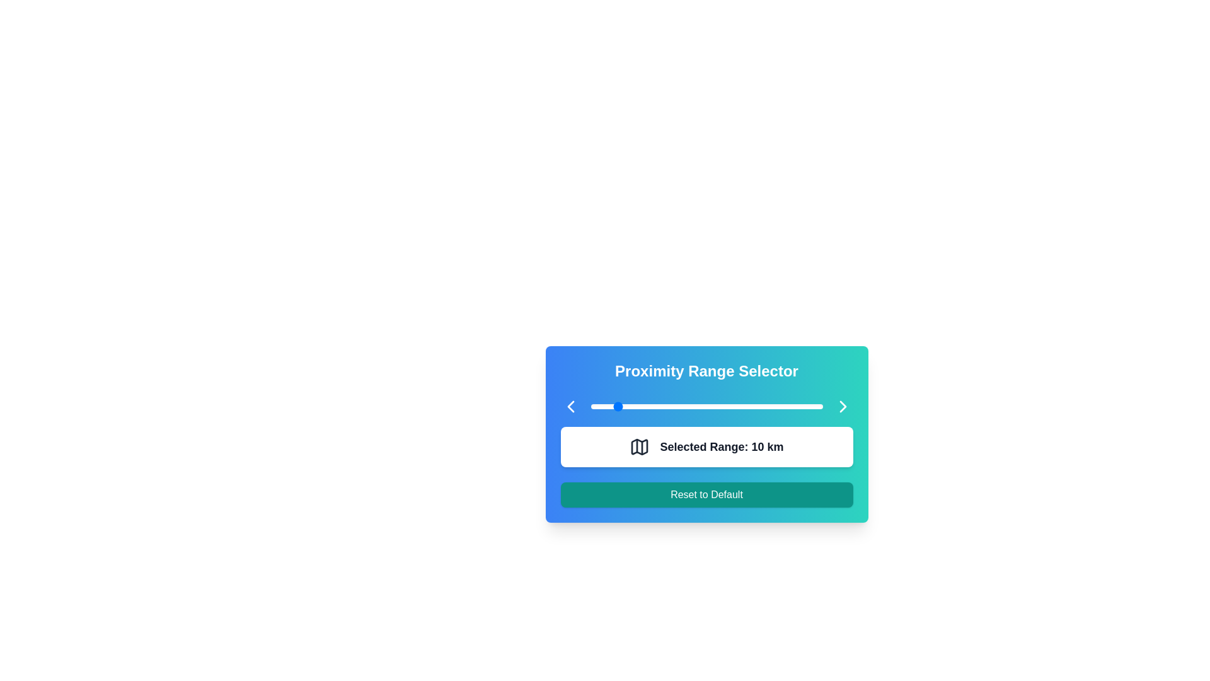 This screenshot has width=1210, height=681. What do you see at coordinates (723, 406) in the screenshot?
I see `proximity range` at bounding box center [723, 406].